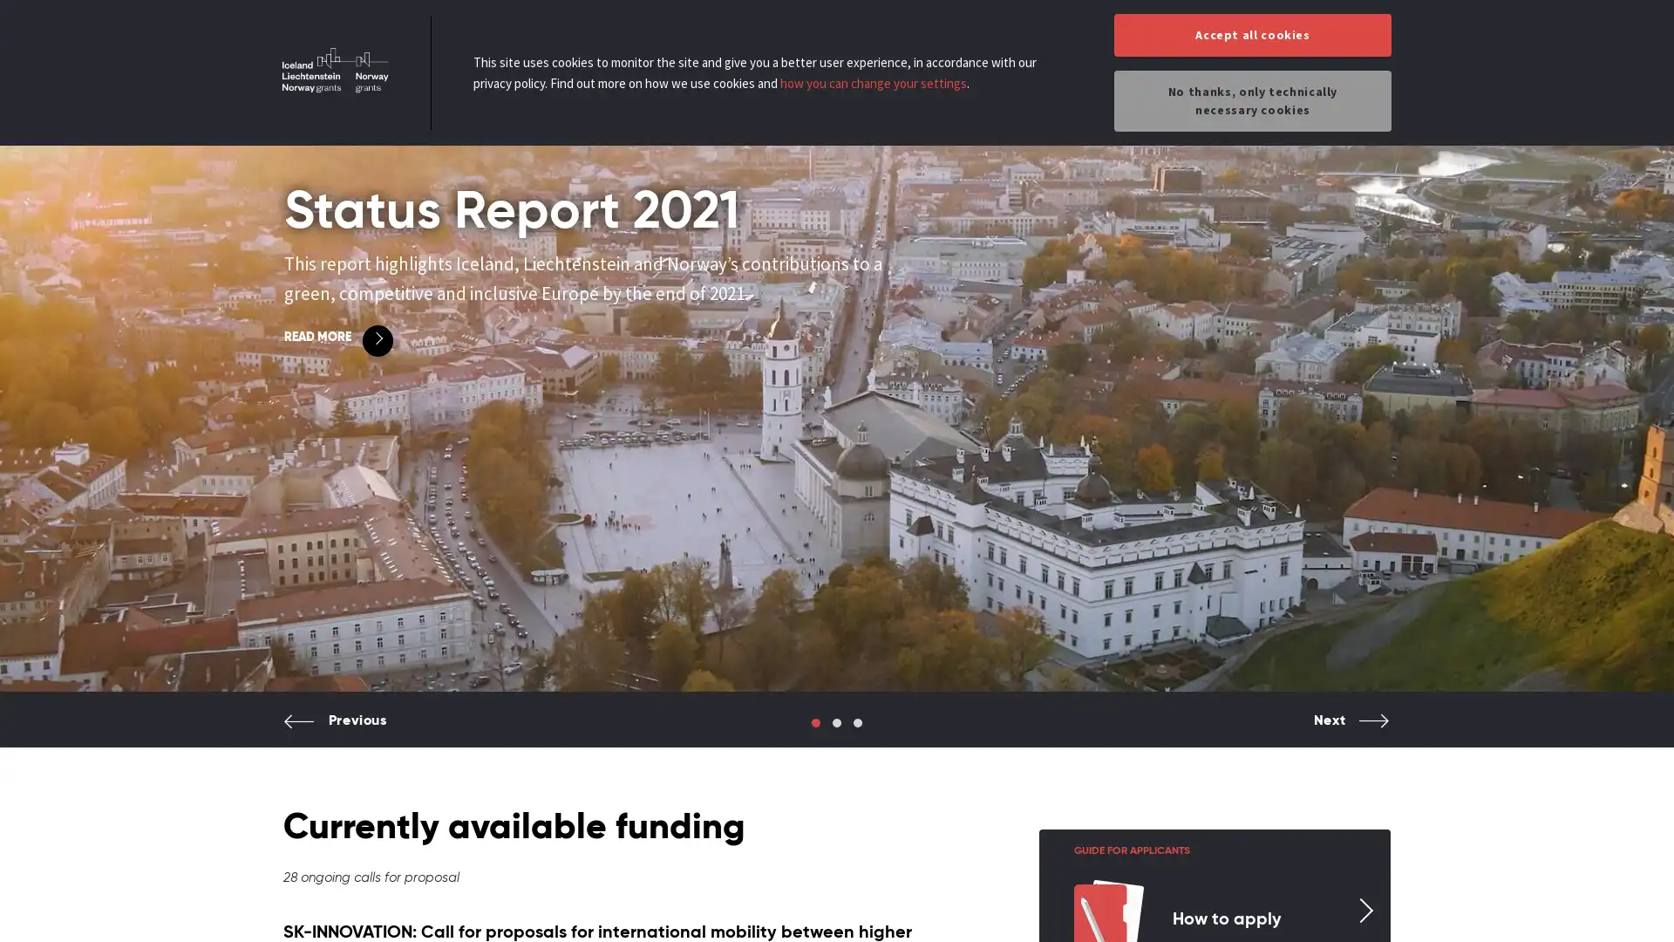 This screenshot has width=1674, height=942. Describe the element at coordinates (1251, 35) in the screenshot. I see `Accept all cookies` at that location.